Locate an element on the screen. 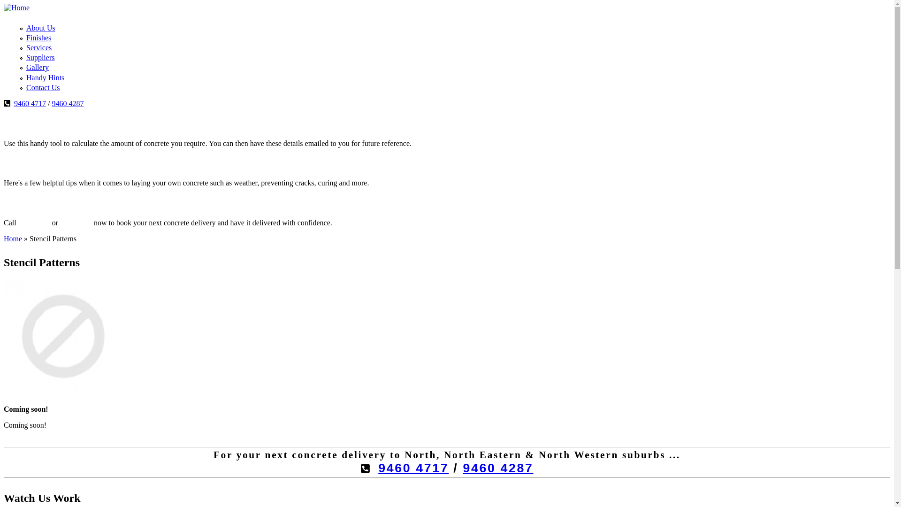 The width and height of the screenshot is (901, 507). 'Finishes' is located at coordinates (38, 37).